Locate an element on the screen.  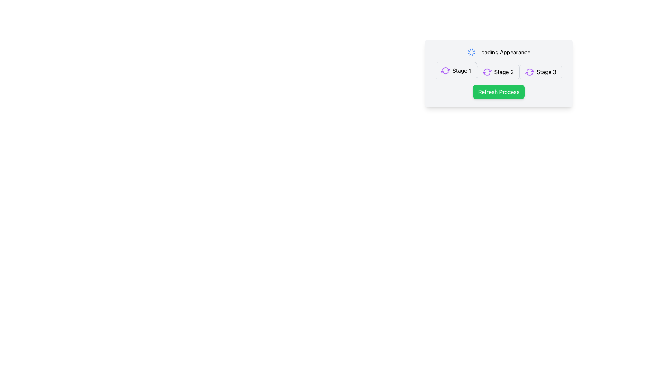
the upper arc of the circular arrow SVG icon, which is styled with a spinning animation and purple color, located to the left of the 'Loading Appearance' text is located at coordinates (530, 73).